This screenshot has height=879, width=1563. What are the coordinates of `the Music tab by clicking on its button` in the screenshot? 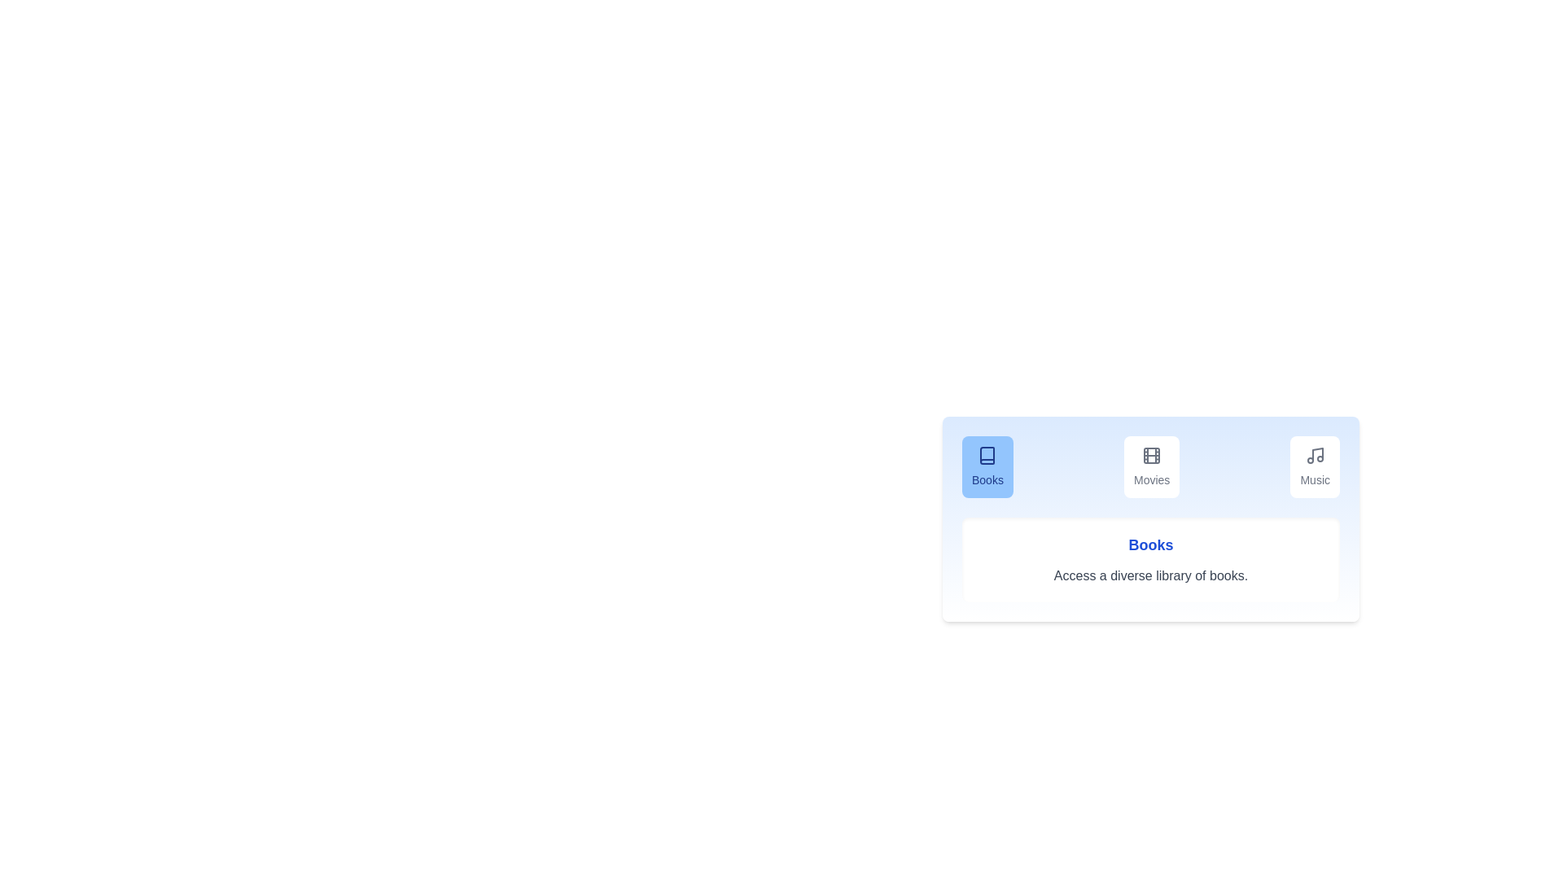 It's located at (1314, 467).